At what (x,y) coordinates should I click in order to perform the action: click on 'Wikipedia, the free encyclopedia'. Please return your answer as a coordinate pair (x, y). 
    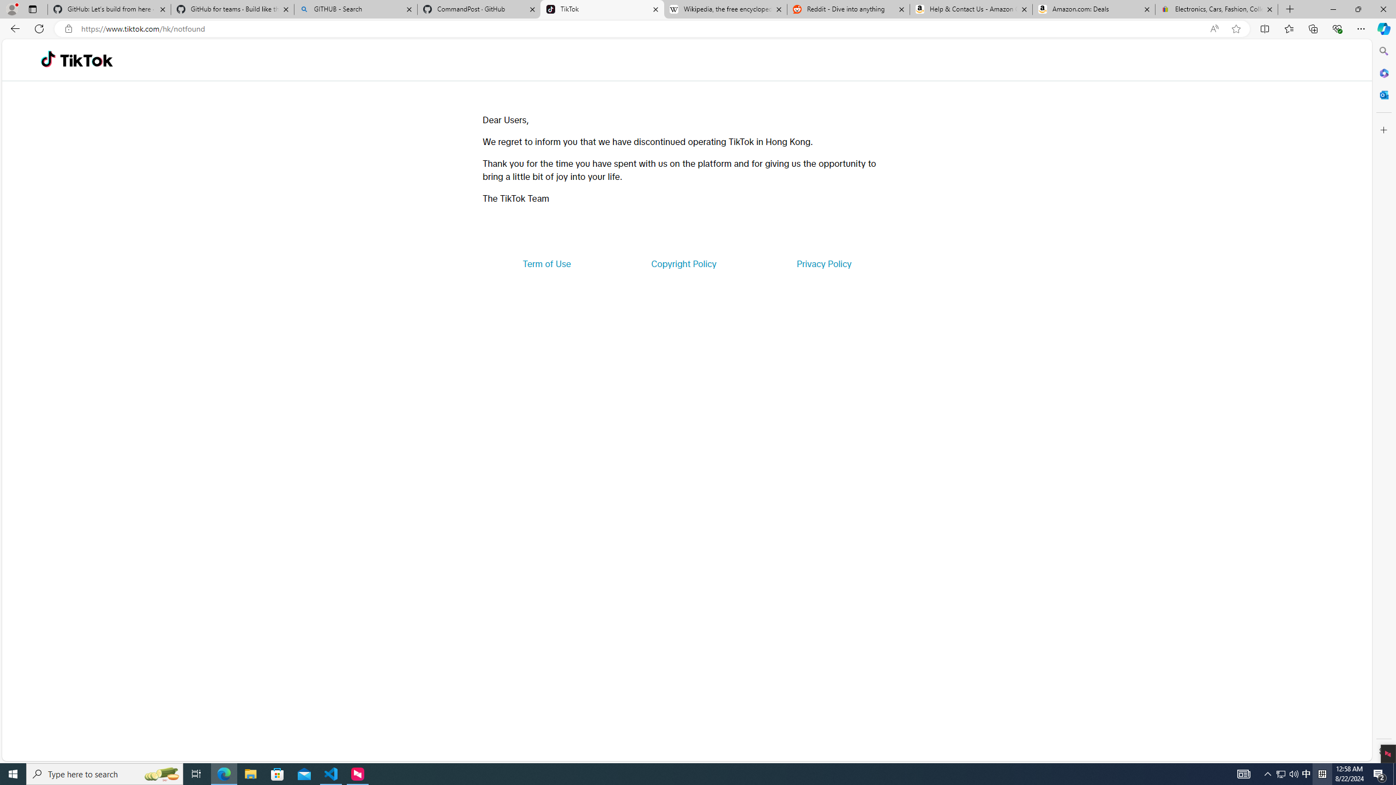
    Looking at the image, I should click on (724, 9).